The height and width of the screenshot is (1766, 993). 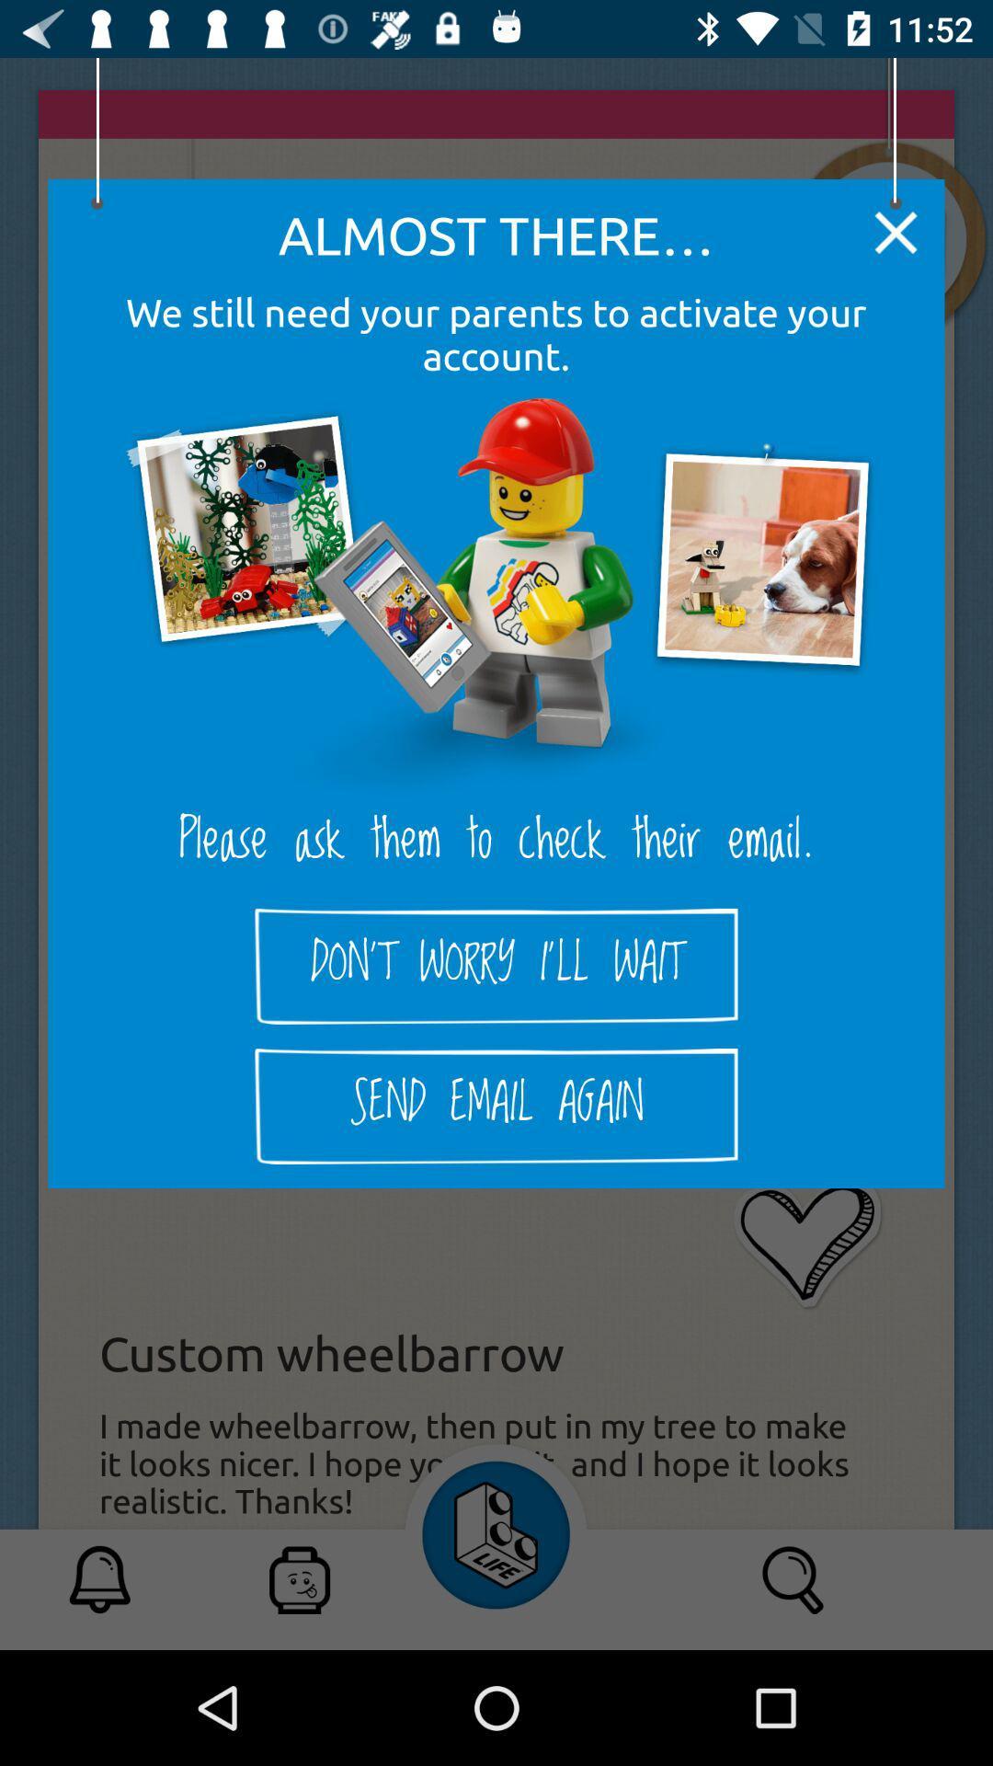 I want to click on the icon below the don t worry icon, so click(x=496, y=1106).